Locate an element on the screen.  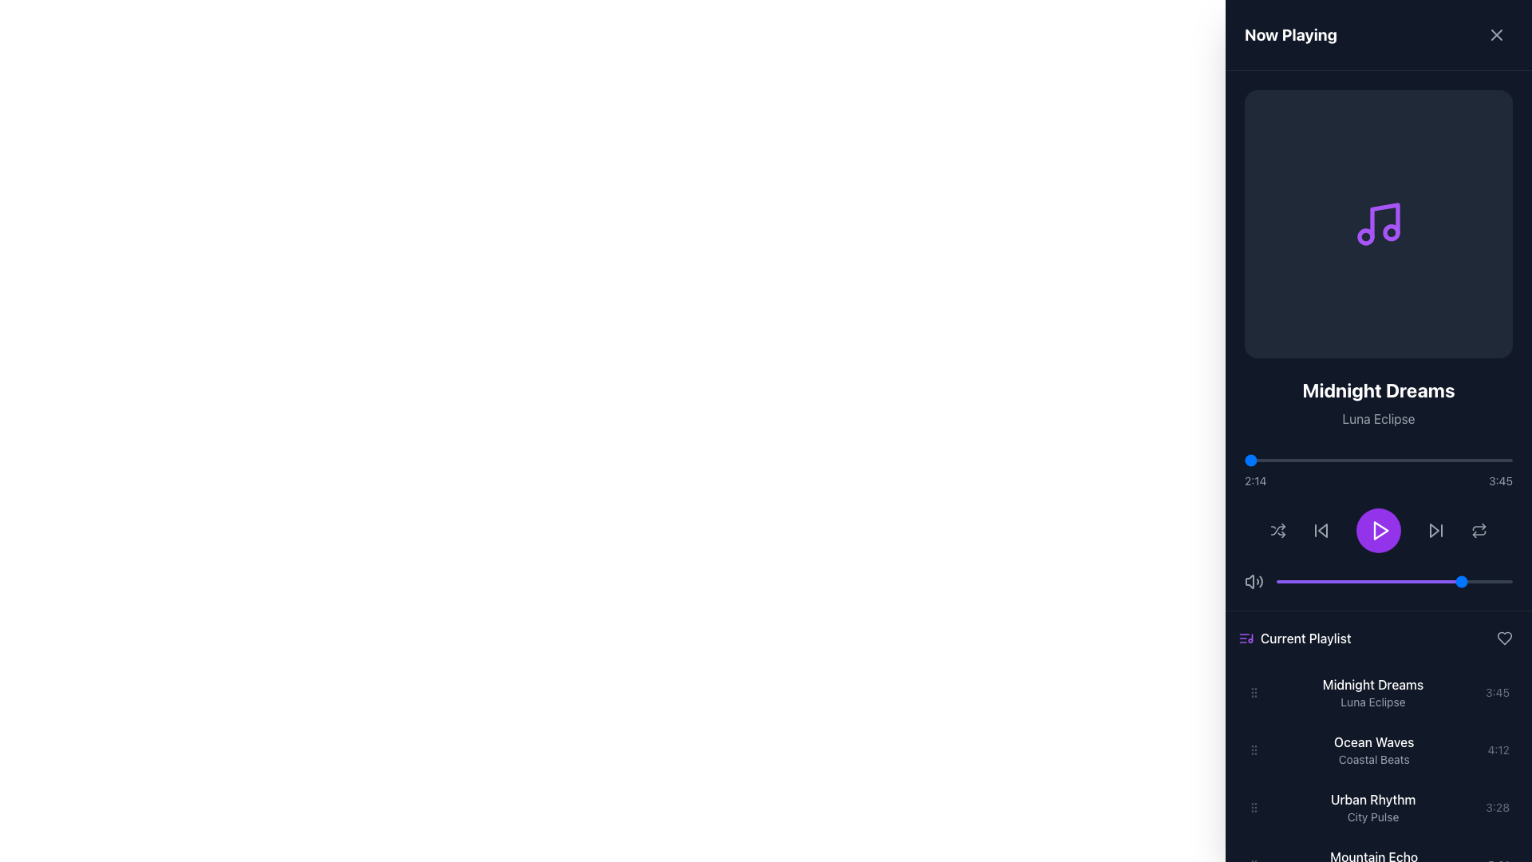
the slider value is located at coordinates (1416, 582).